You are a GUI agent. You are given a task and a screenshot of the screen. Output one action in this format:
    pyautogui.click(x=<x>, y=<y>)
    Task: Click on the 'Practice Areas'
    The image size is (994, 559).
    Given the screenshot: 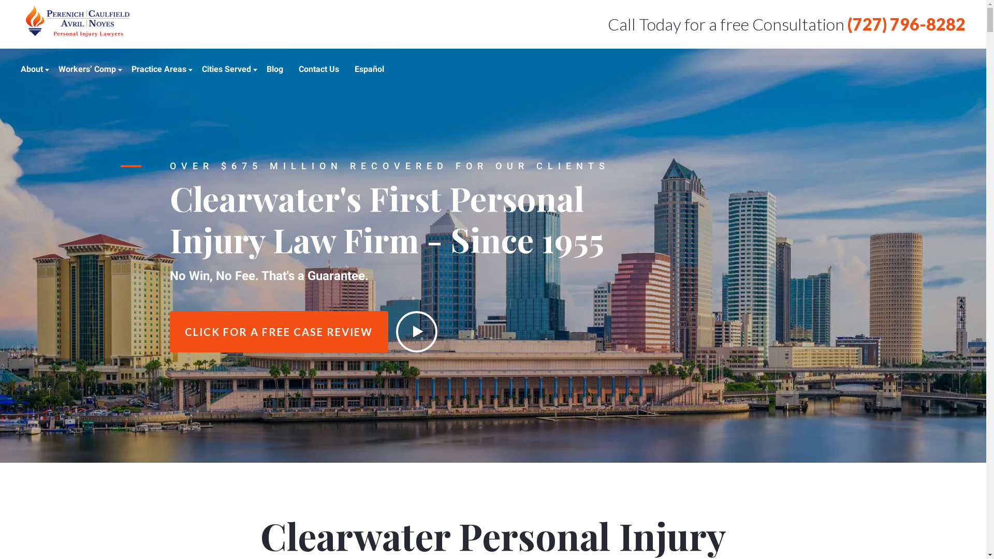 What is the action you would take?
    pyautogui.click(x=131, y=69)
    